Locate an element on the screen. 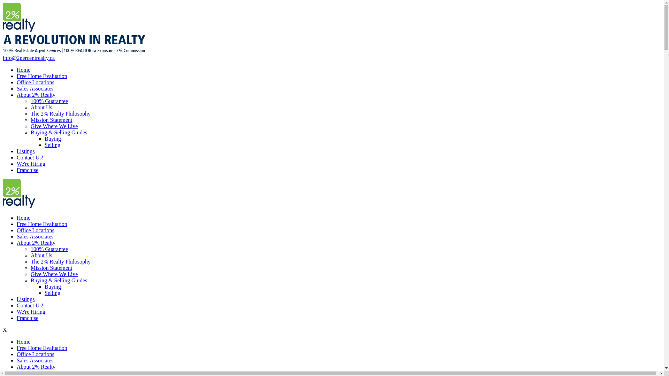  '100% Guarantee' is located at coordinates (49, 101).